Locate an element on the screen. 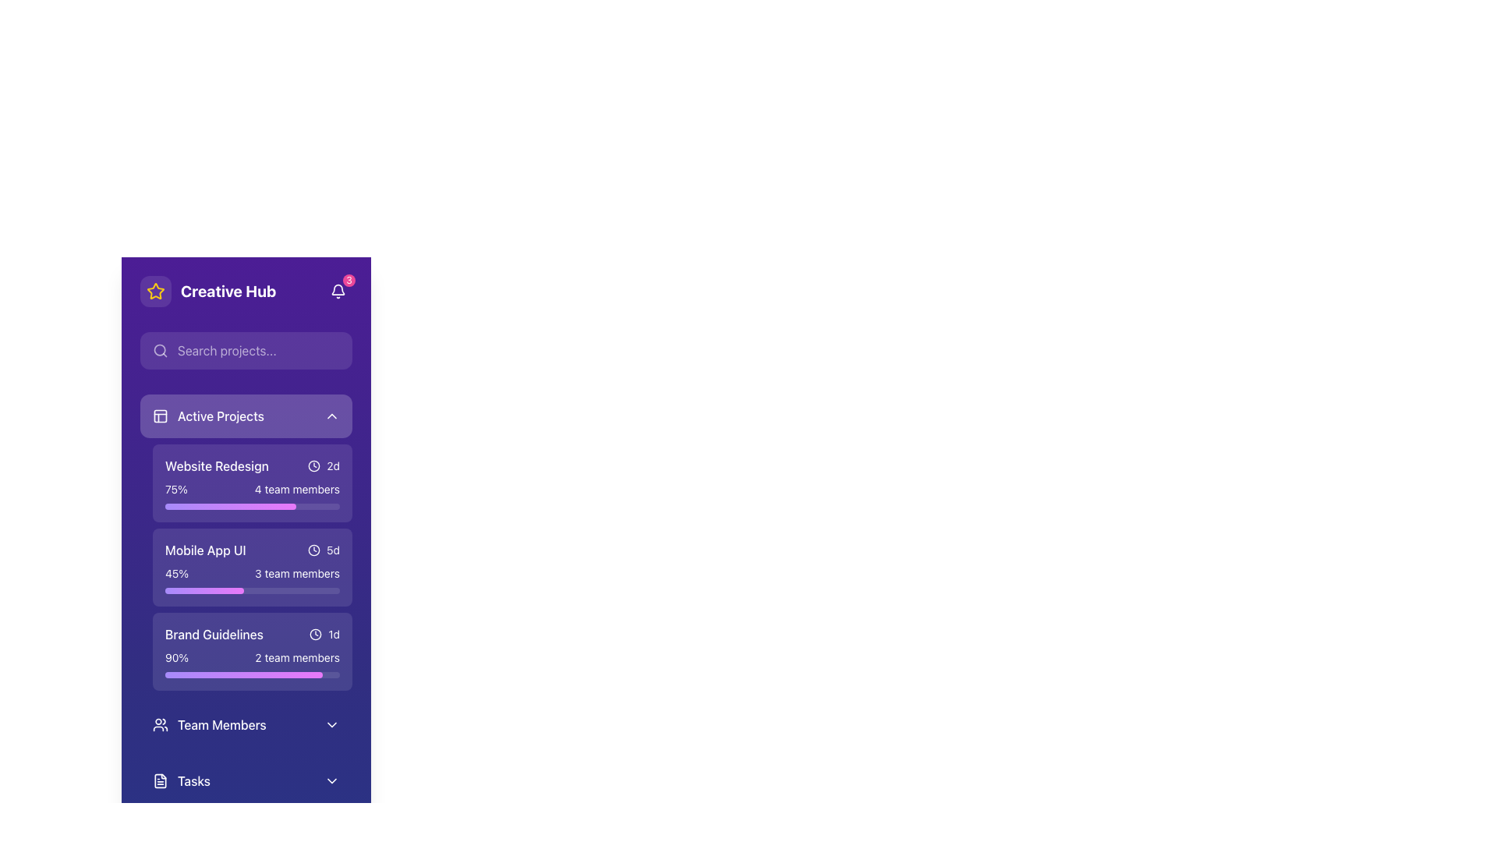  the progress bar is located at coordinates (297, 674).